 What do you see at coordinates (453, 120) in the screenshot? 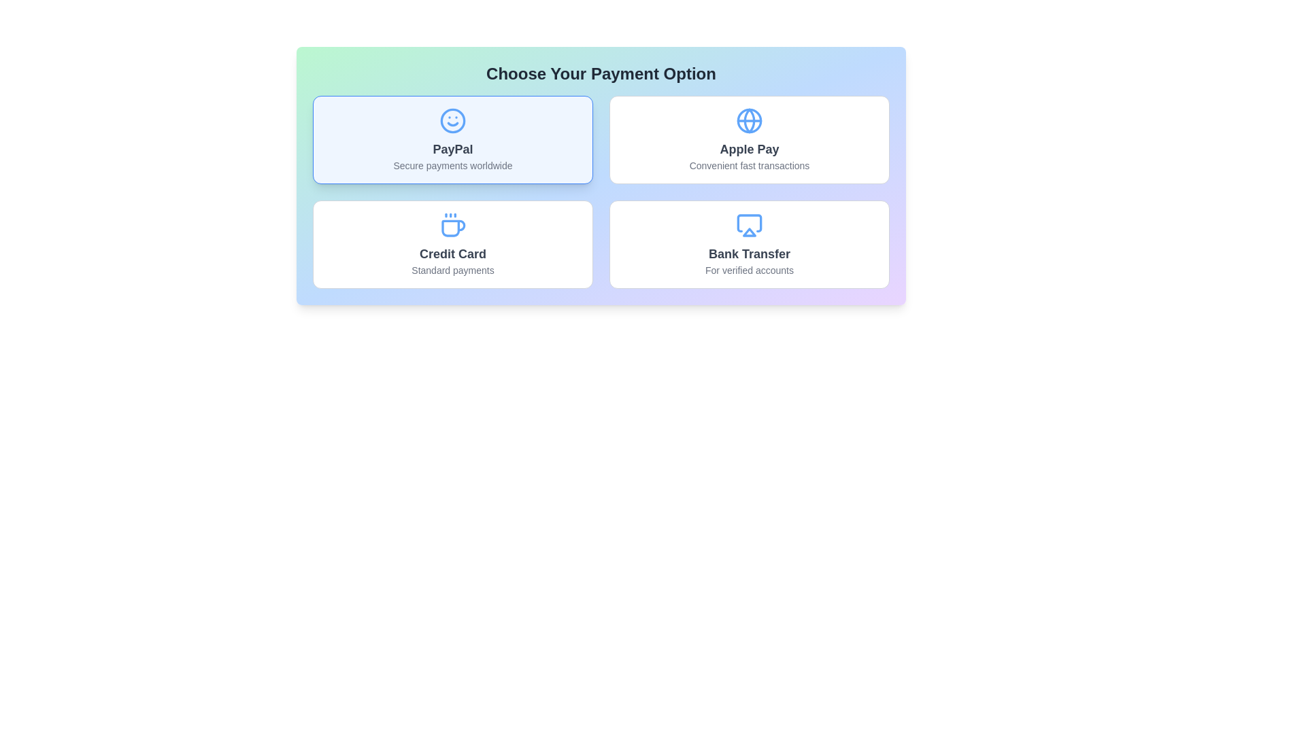
I see `the central circular component of the smiley face icon representing the 'PayPal' payment option in the 'Choose Your Payment Option' interface` at bounding box center [453, 120].